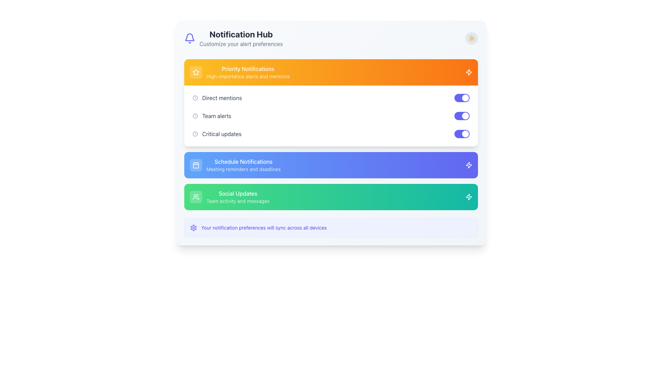  I want to click on the 'Team alerts' icon-text UI component, which is the second item in the 'Priority Notifications' section, featuring a clock icon and dark slate gray text, so click(211, 116).